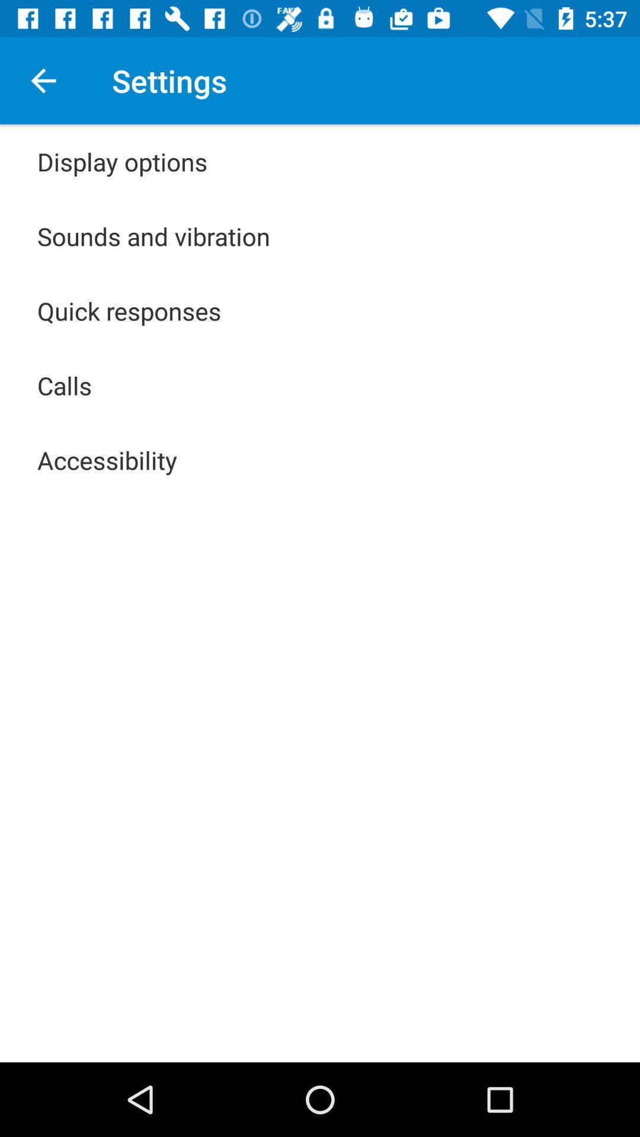 Image resolution: width=640 pixels, height=1137 pixels. I want to click on the quick responses app, so click(129, 310).